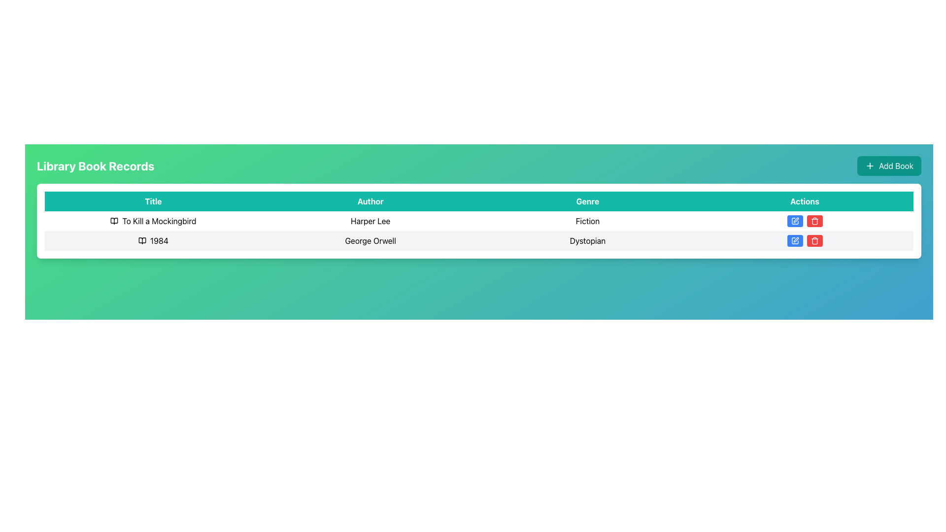 The image size is (946, 532). I want to click on the text 'To Kill a Mockingbird' in the first row of the table under the 'Title' column, so click(153, 220).